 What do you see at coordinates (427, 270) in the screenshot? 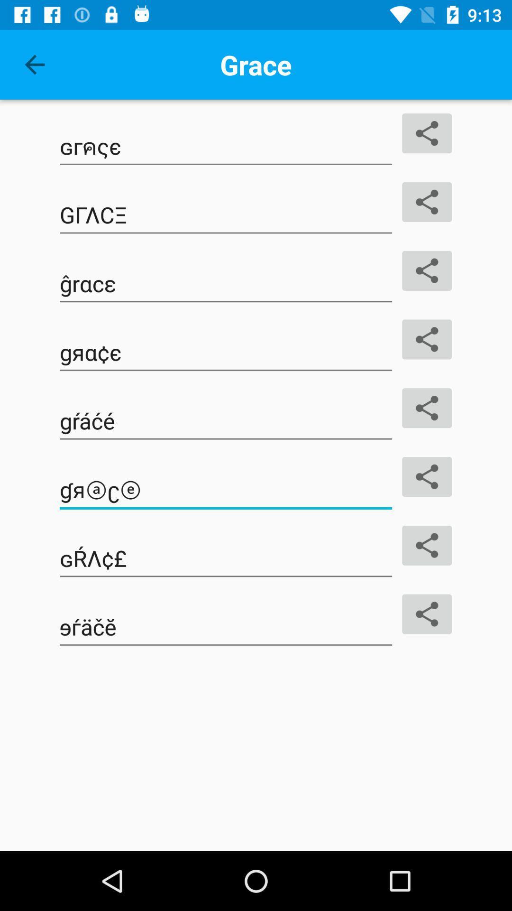
I see `the share icon` at bounding box center [427, 270].